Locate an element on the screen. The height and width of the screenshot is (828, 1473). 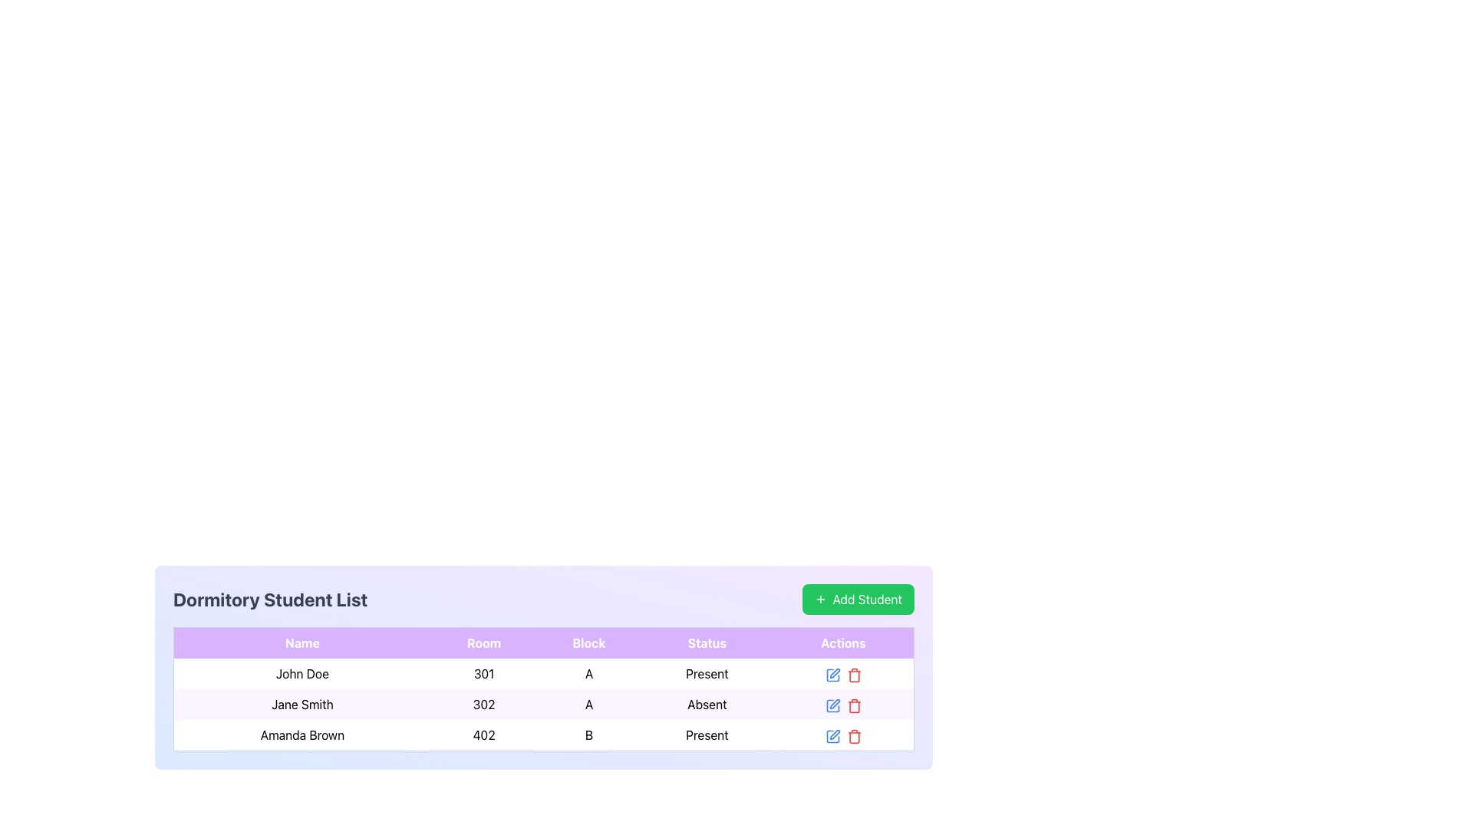
the text label reading 'Present' in the 'Status' column of the table is located at coordinates (706, 673).